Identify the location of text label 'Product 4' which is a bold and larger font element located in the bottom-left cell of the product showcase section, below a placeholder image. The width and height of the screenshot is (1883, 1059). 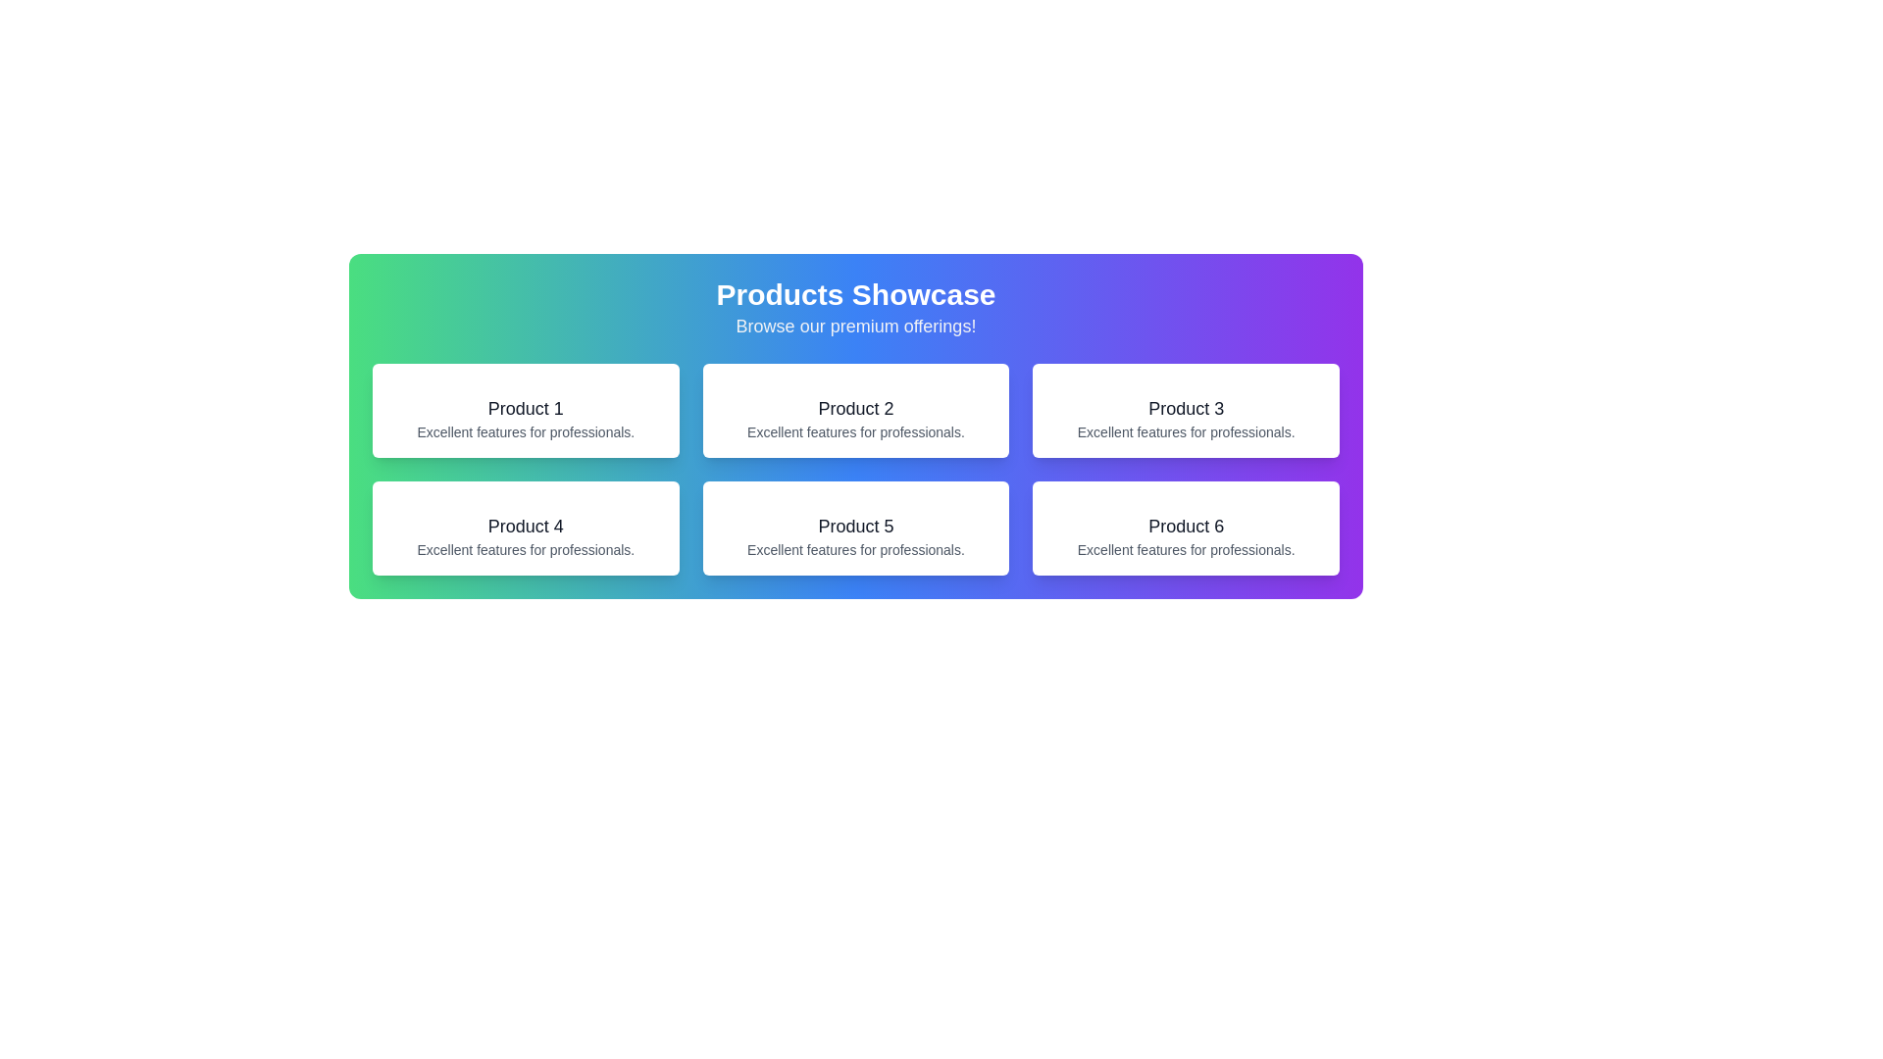
(526, 525).